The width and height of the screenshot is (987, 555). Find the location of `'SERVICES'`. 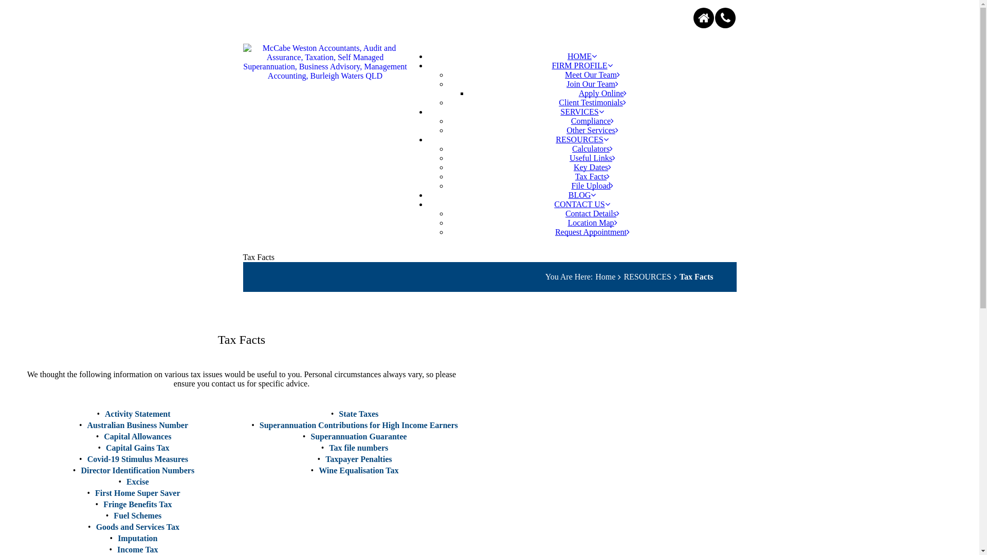

'SERVICES' is located at coordinates (582, 112).